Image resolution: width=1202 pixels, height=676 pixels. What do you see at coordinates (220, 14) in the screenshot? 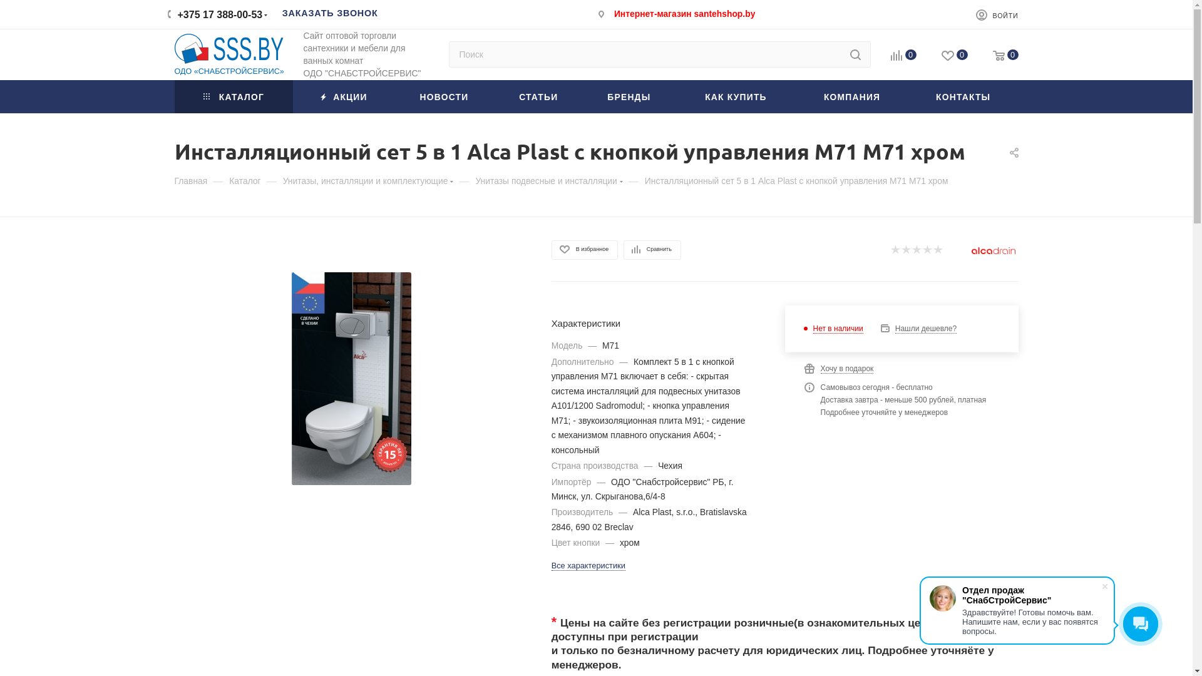
I see `'+375 17 388-00-53'` at bounding box center [220, 14].